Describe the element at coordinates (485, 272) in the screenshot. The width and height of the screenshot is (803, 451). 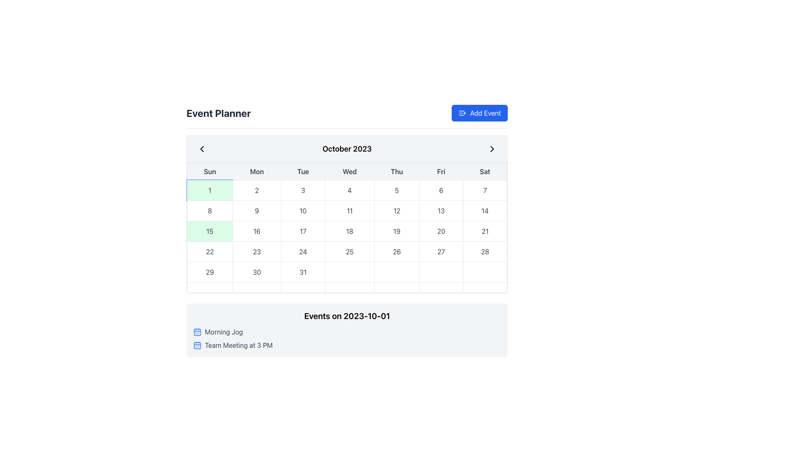
I see `on the 7th cell in the last row of the calendar grid, located under the Saturday column` at that location.